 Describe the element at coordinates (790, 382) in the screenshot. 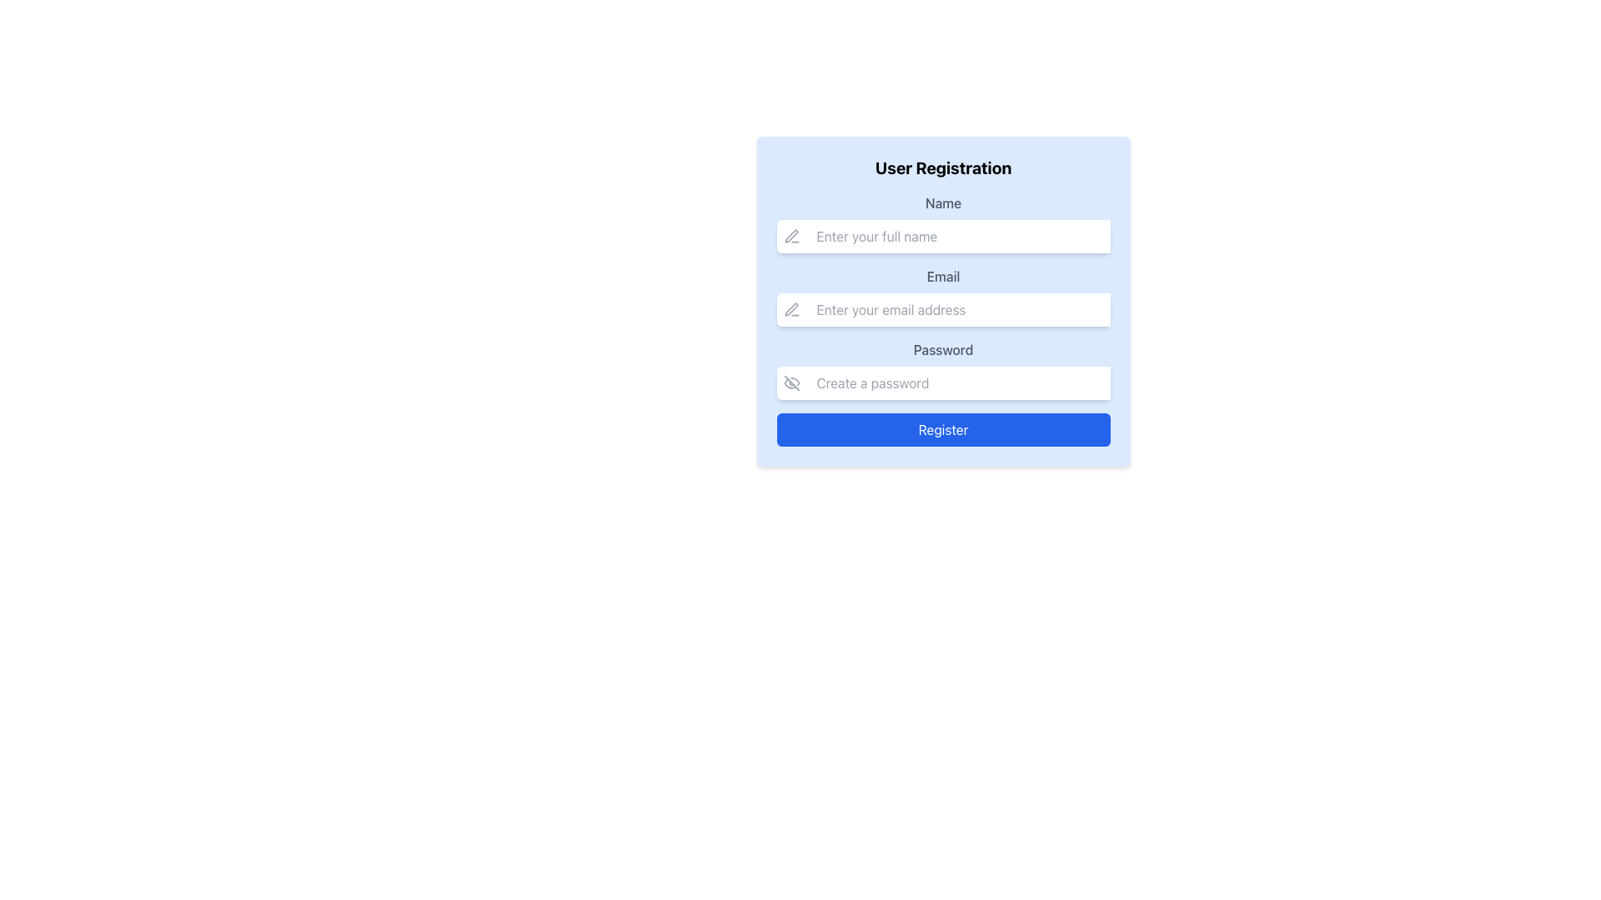

I see `the eye icon with a diagonal slash through it, which is embedded in the button next to the password input field` at that location.